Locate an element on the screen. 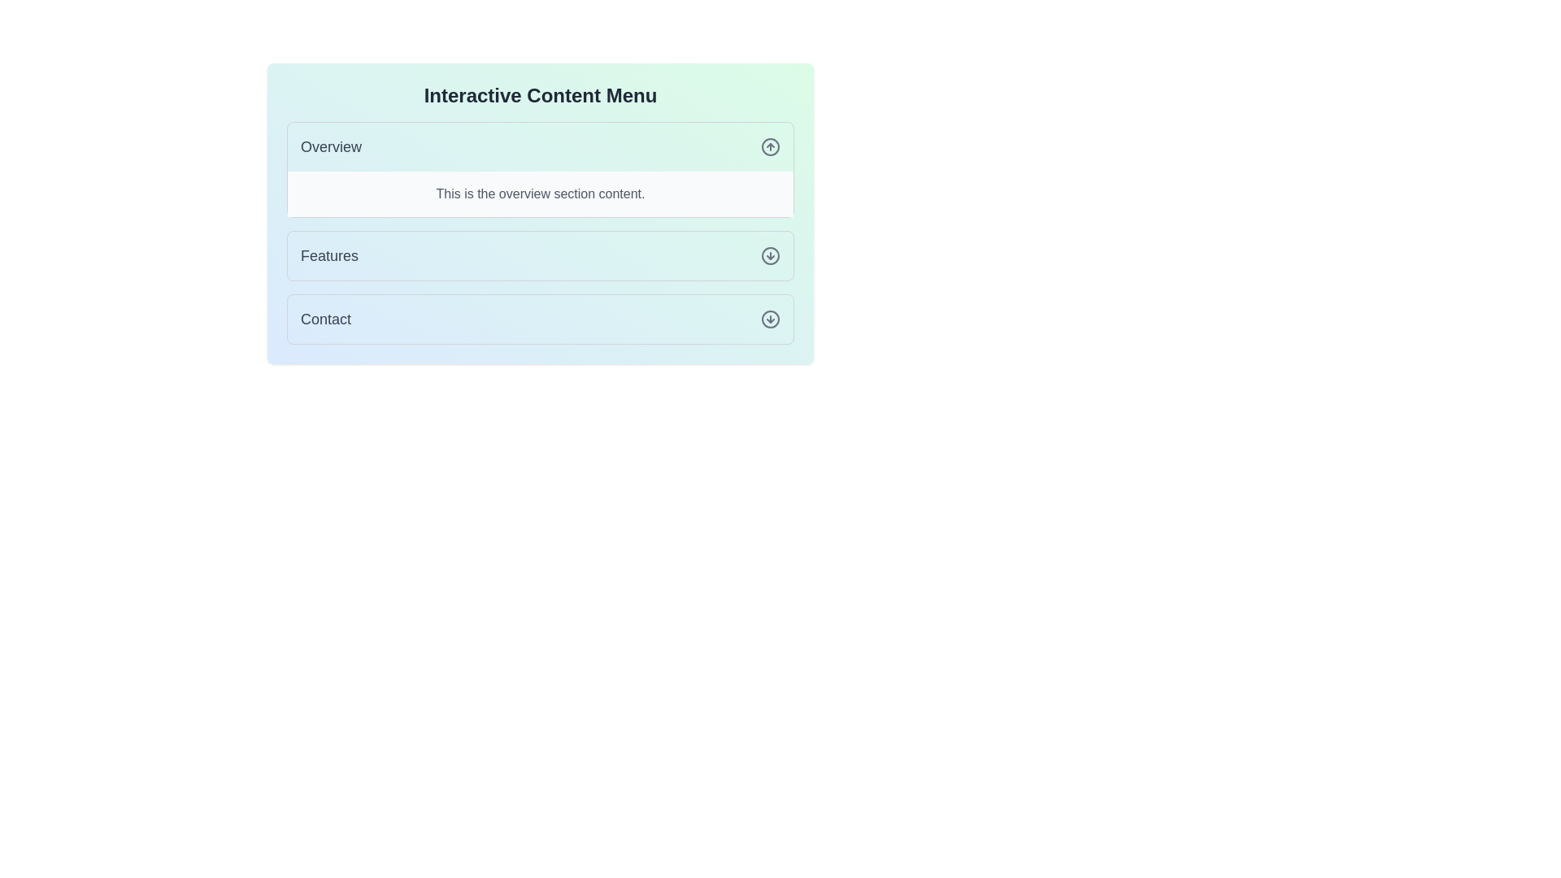 This screenshot has width=1561, height=878. the button or navigation item with dropdown trigger located at the bottom of the vertical list, which follows the 'Features' element is located at coordinates (541, 319).